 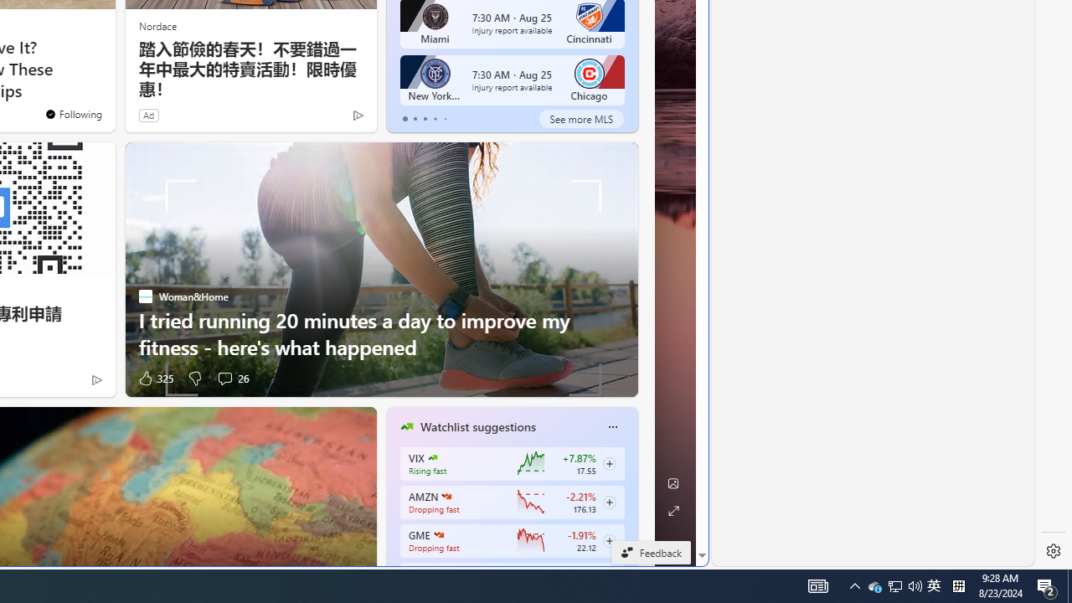 I want to click on '325 Like', so click(x=154, y=378).